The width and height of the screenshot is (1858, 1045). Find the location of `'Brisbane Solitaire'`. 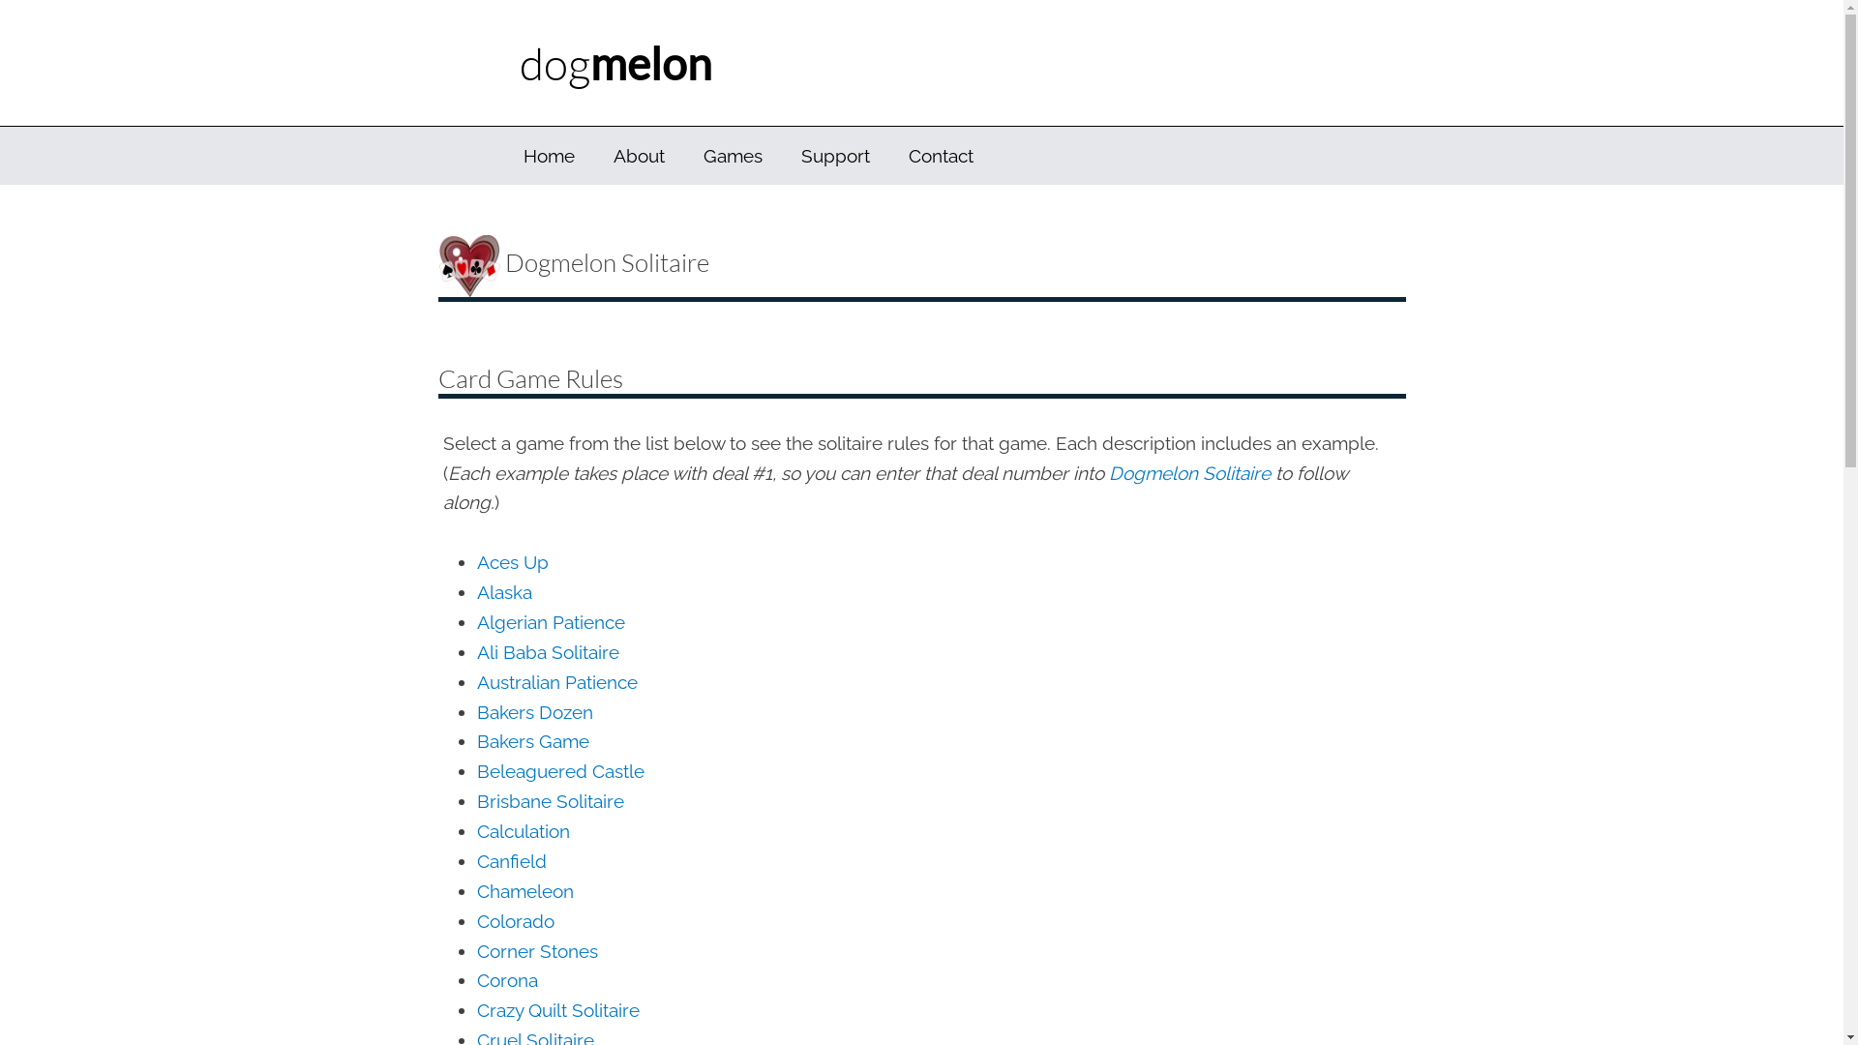

'Brisbane Solitaire' is located at coordinates (548, 801).